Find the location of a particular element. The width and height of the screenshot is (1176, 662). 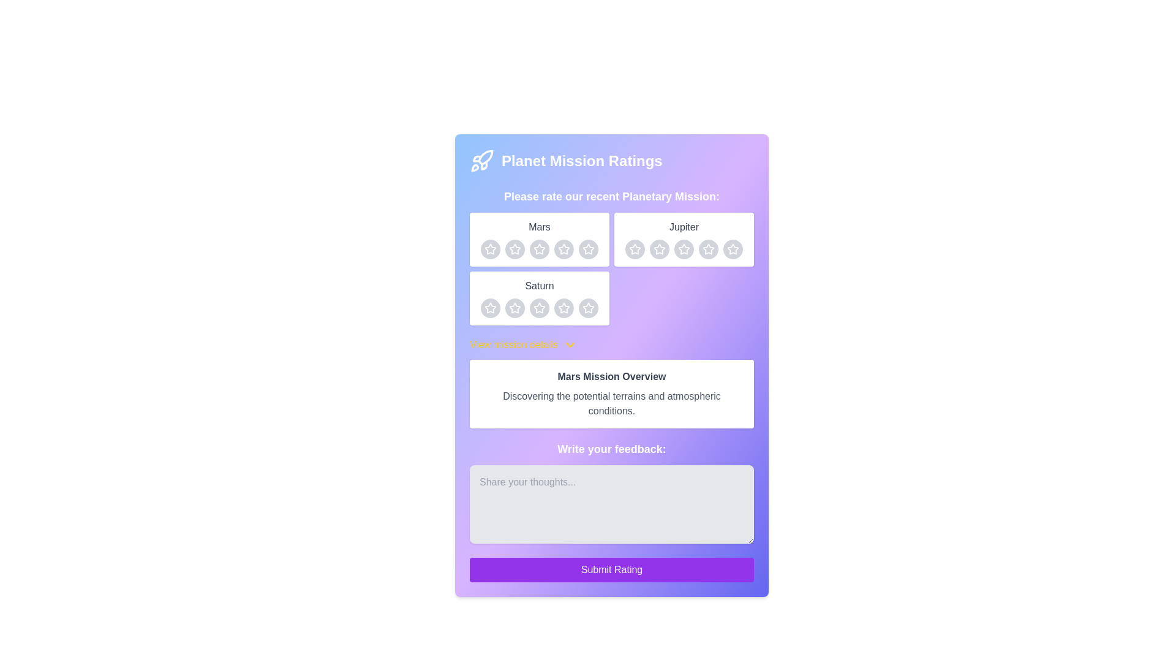

the first star icon in the rating system beneath the 'Saturn' heading to rate it is located at coordinates (491, 307).